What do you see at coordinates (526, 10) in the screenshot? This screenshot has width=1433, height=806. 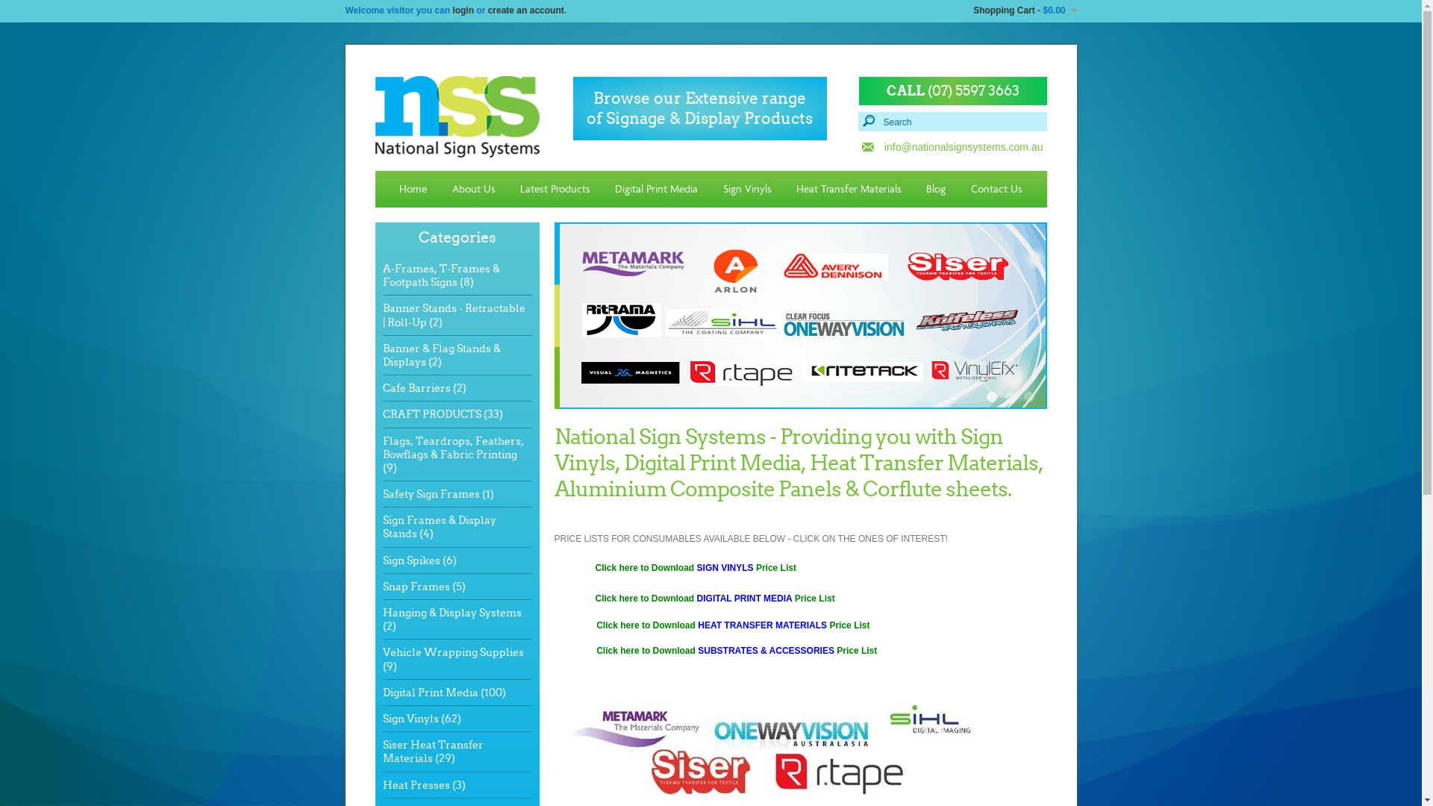 I see `'create an account'` at bounding box center [526, 10].